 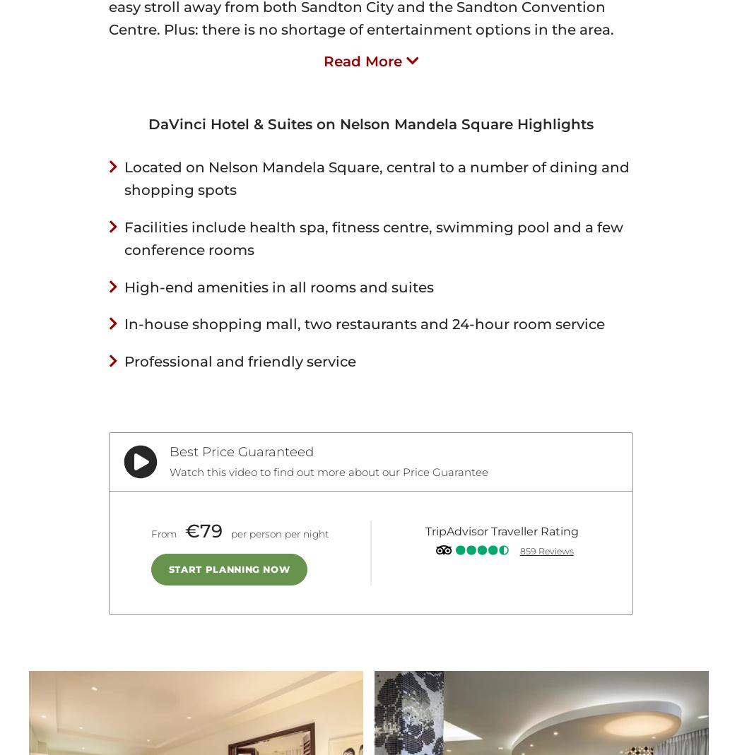 I want to click on 'Professional and friendly service', so click(x=239, y=359).